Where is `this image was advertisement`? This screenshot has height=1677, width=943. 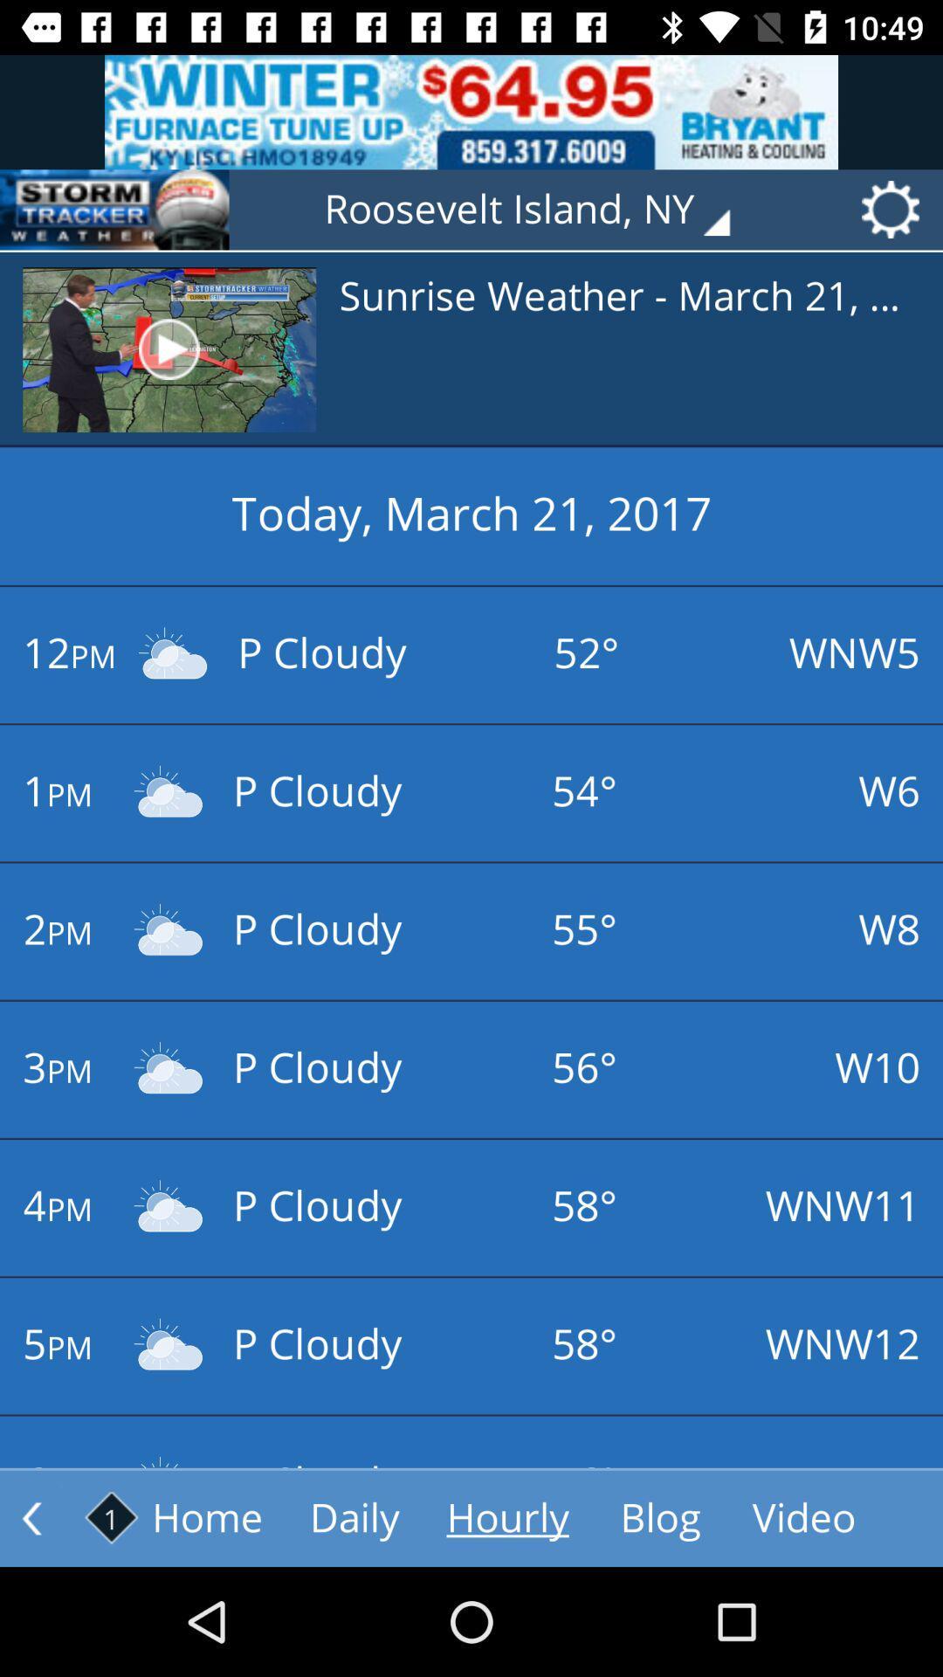 this image was advertisement is located at coordinates (471, 111).